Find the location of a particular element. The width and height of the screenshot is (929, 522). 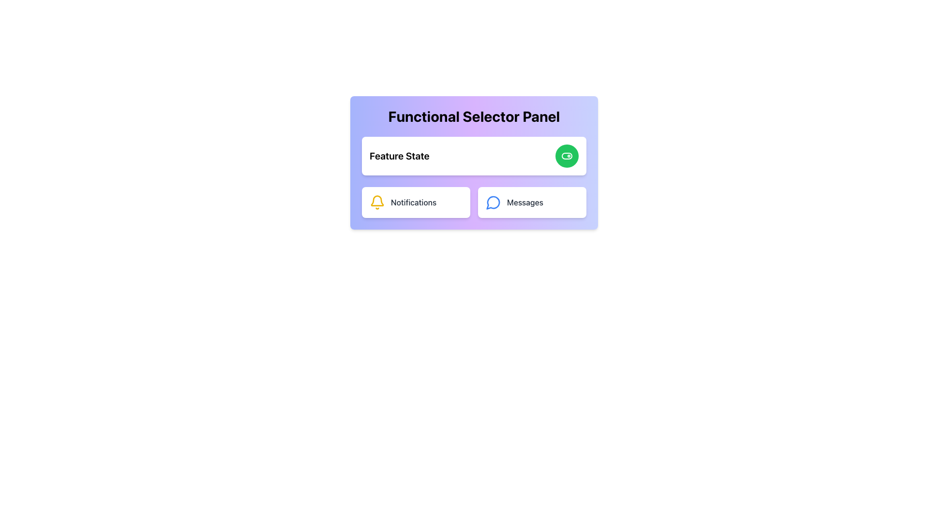

the background shape of the toggle switch, which is a rectangular element with rounded corners, located in the top-right of the 'Feature State' section is located at coordinates (567, 156).